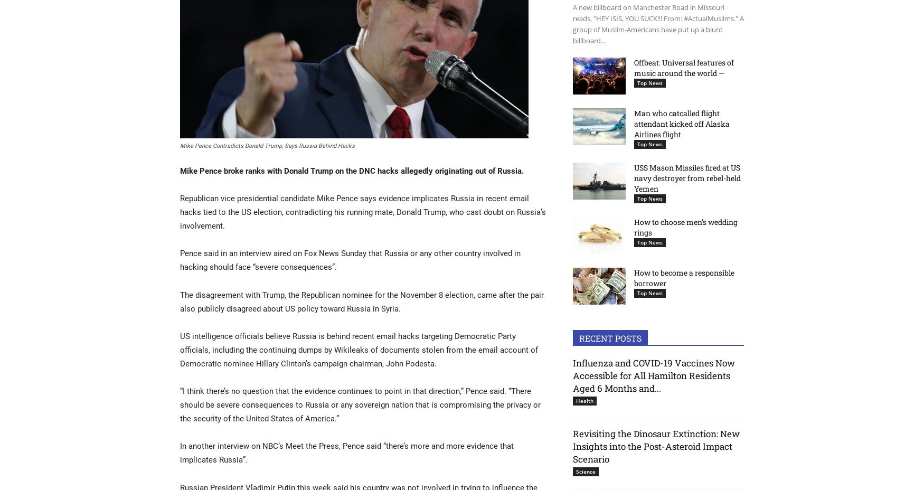 Image resolution: width=924 pixels, height=490 pixels. Describe the element at coordinates (658, 23) in the screenshot. I see `'A new billboard on Manchester Road in Missouri reads, "HEY ISIS, YOU SUCK!!! From: #ActualMuslims."

A group of Muslim-Americans have put up a blunt billboard...'` at that location.